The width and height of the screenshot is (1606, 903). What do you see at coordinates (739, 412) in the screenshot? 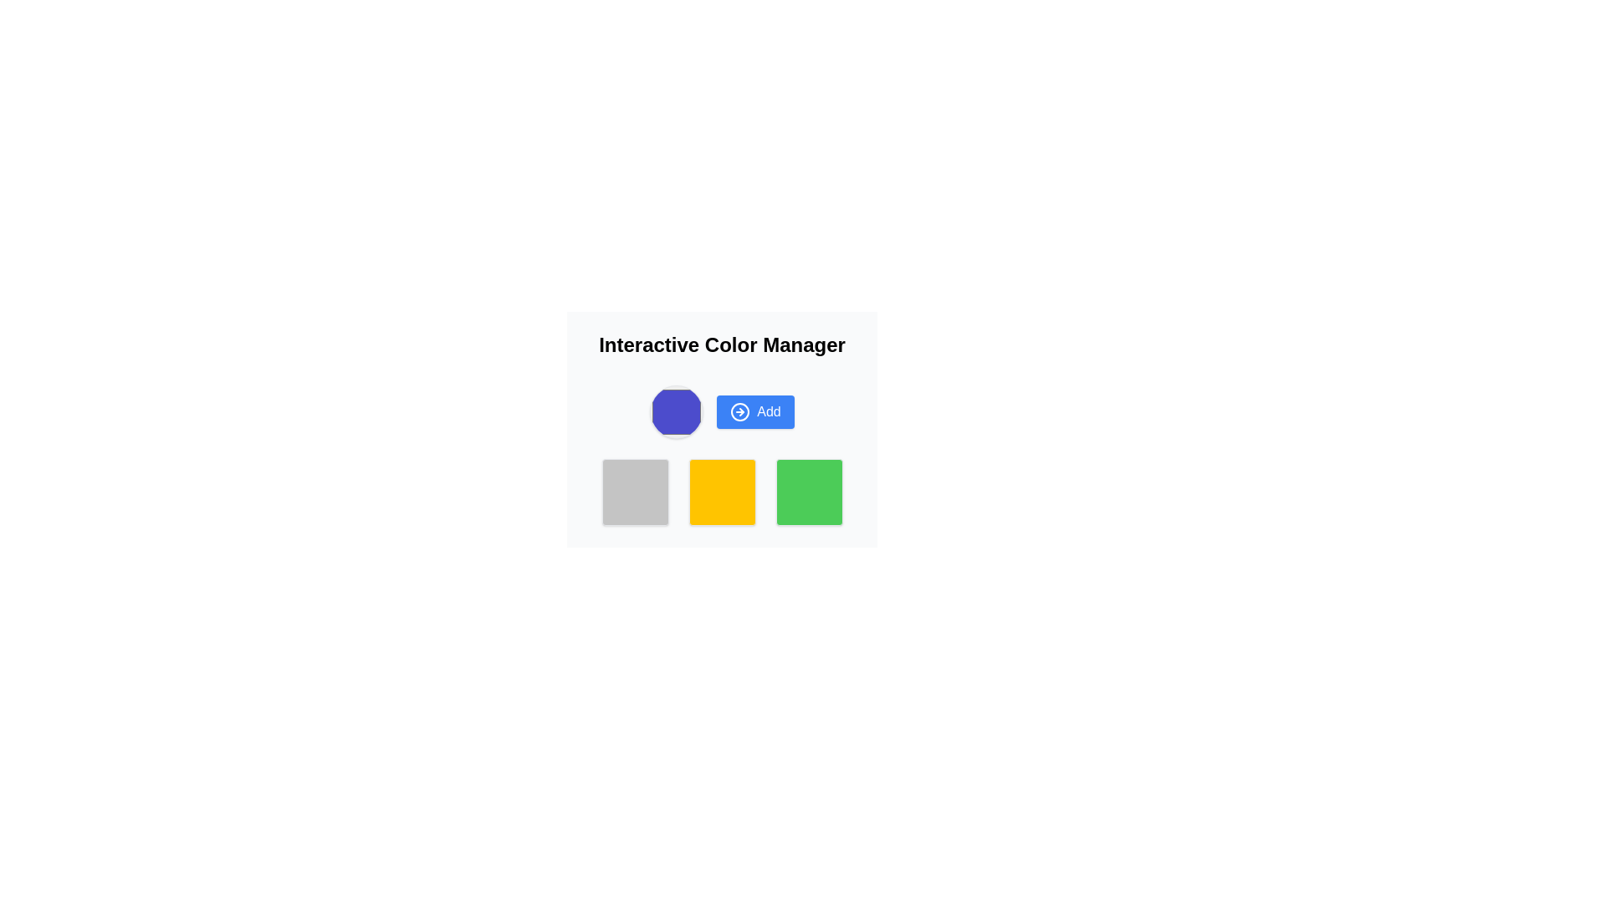
I see `the filled circle with a blue outline and a white interior, which is located within a button featuring an arrow pointing to the right` at bounding box center [739, 412].